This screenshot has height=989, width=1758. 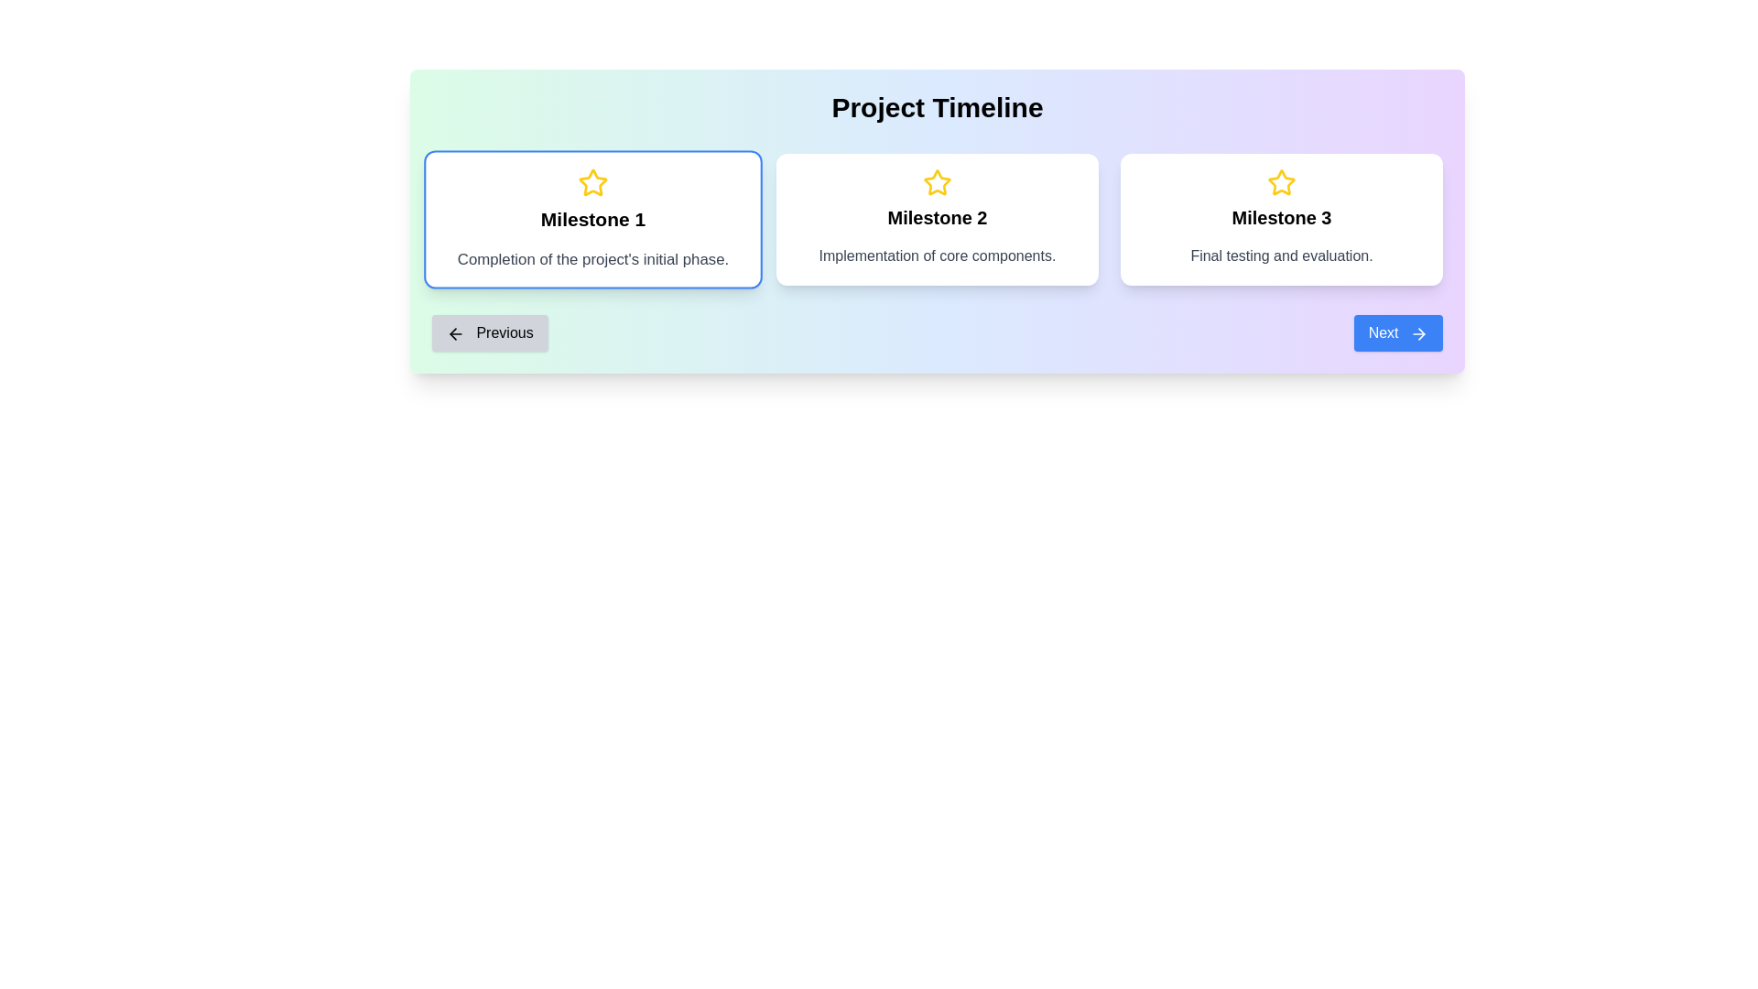 What do you see at coordinates (456, 332) in the screenshot?
I see `the backward navigation icon located to the left of the 'Previous' button label in the 'Milestone 1' card panel` at bounding box center [456, 332].